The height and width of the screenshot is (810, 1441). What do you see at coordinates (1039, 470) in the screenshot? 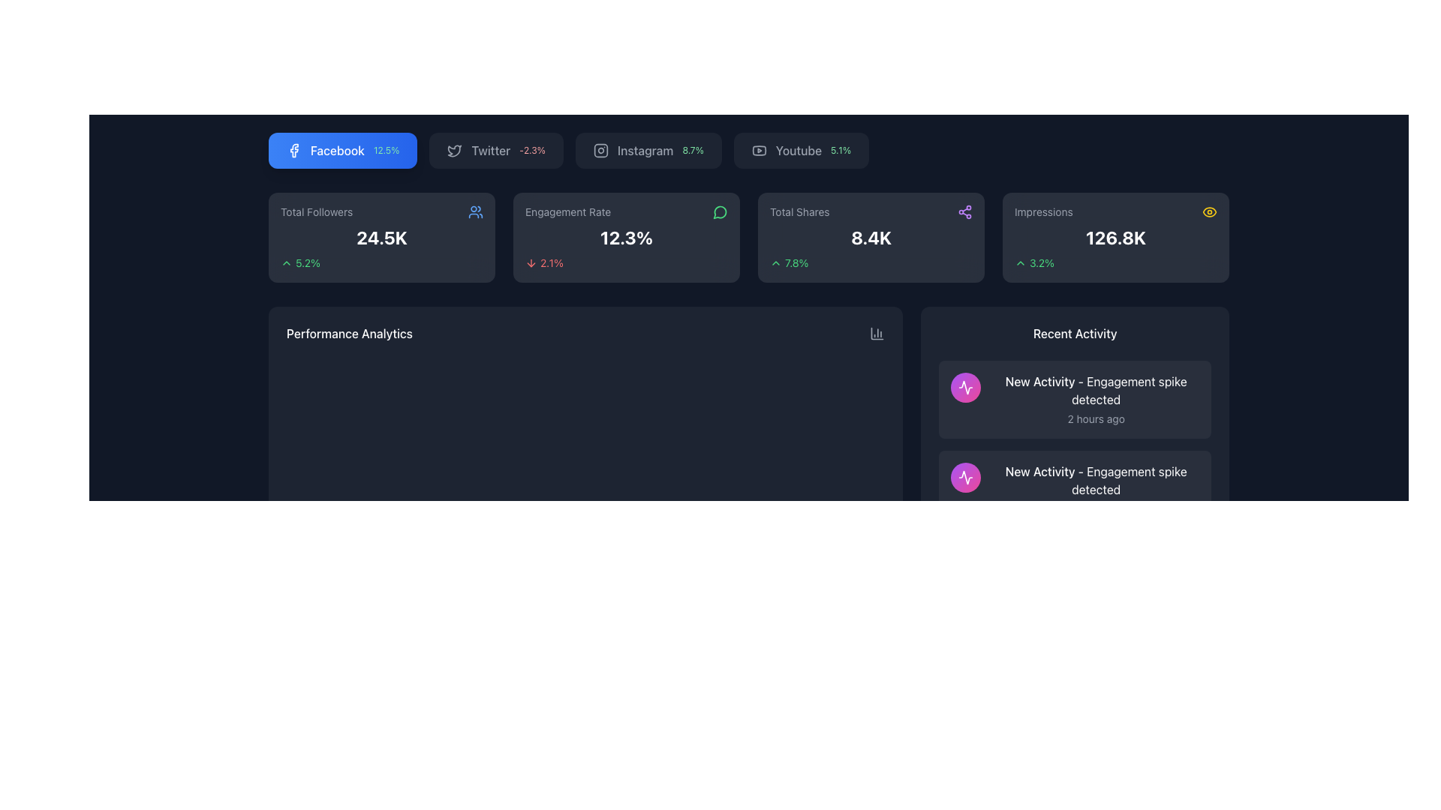
I see `the 'New Activity' text label in the notification block of the 'Recent Activity' section, which indicates an activity update` at bounding box center [1039, 470].